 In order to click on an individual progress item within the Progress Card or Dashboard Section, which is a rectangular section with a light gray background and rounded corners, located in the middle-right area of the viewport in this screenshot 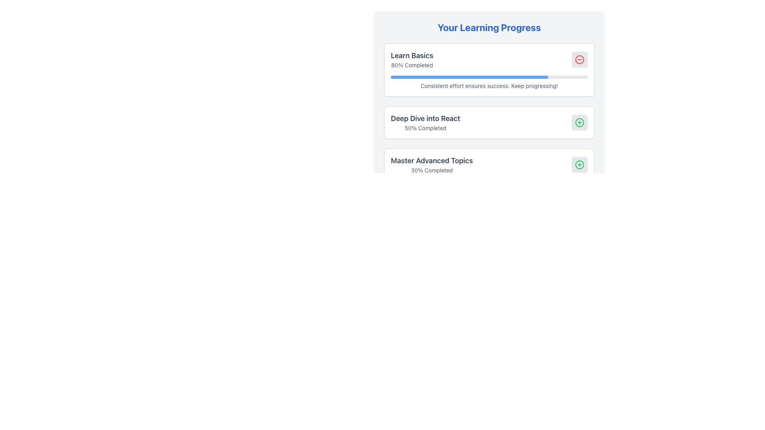, I will do `click(489, 101)`.